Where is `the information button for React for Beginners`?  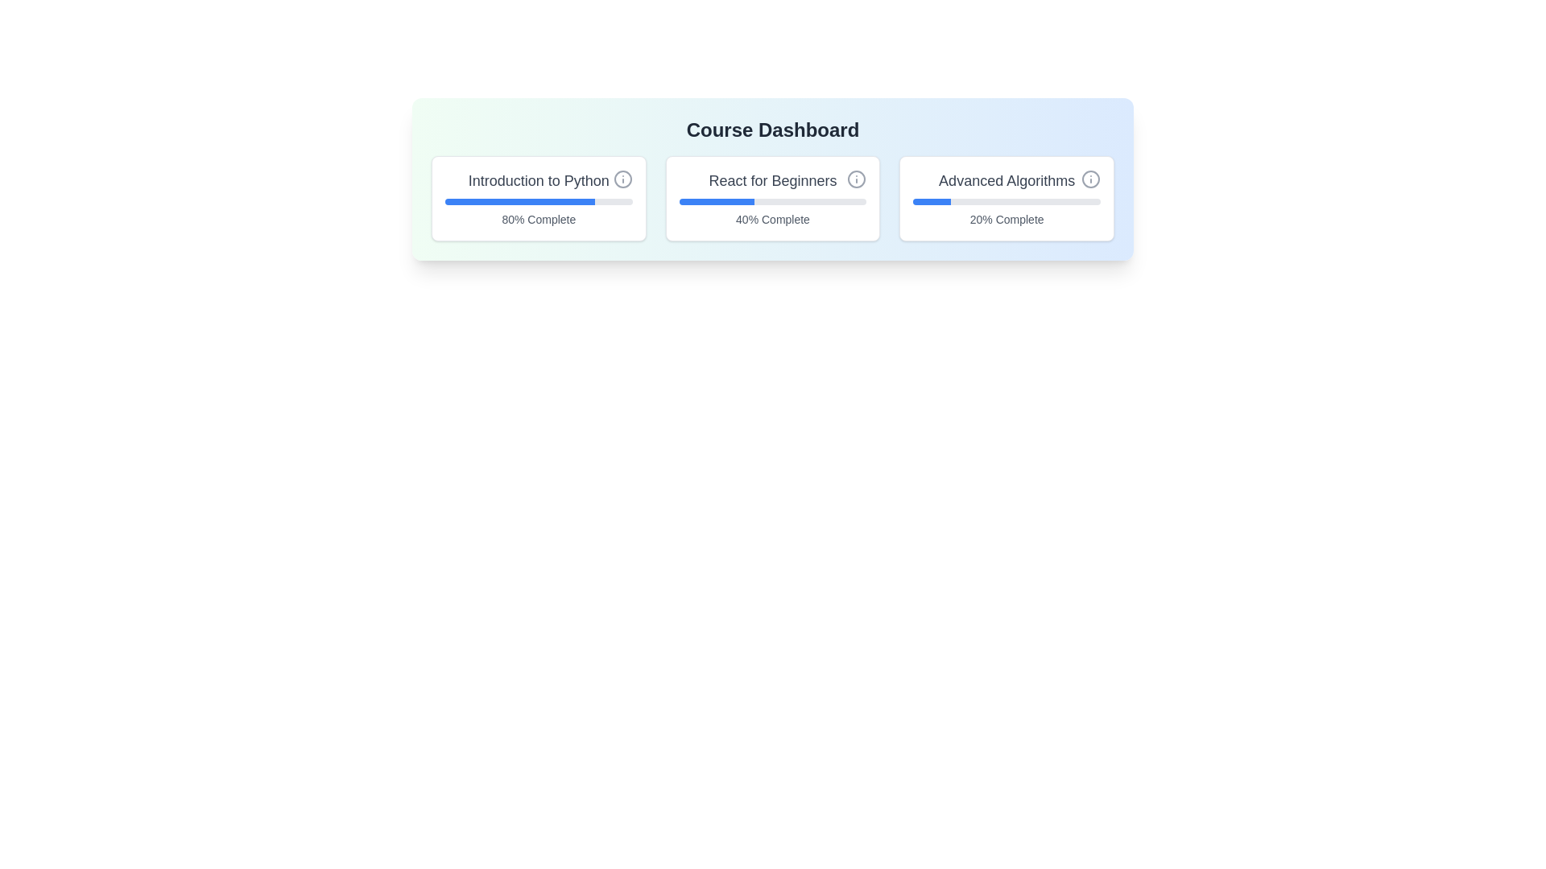
the information button for React for Beginners is located at coordinates (856, 179).